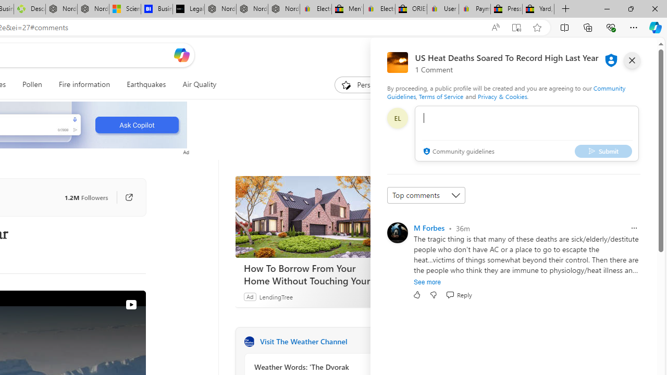 This screenshot has width=667, height=375. Describe the element at coordinates (502, 96) in the screenshot. I see `'Privacy & Cookies'` at that location.